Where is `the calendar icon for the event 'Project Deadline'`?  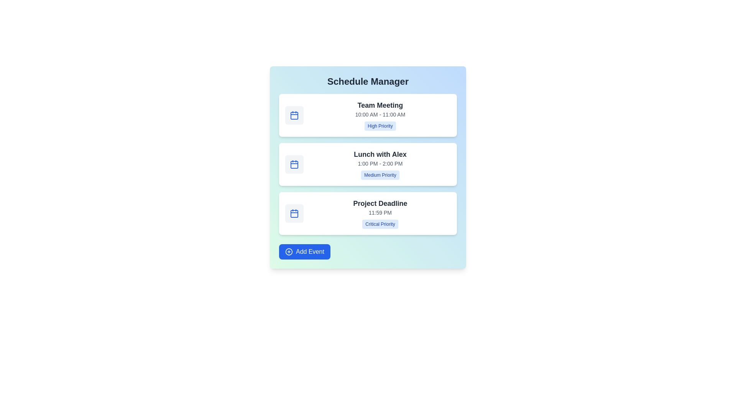
the calendar icon for the event 'Project Deadline' is located at coordinates (294, 213).